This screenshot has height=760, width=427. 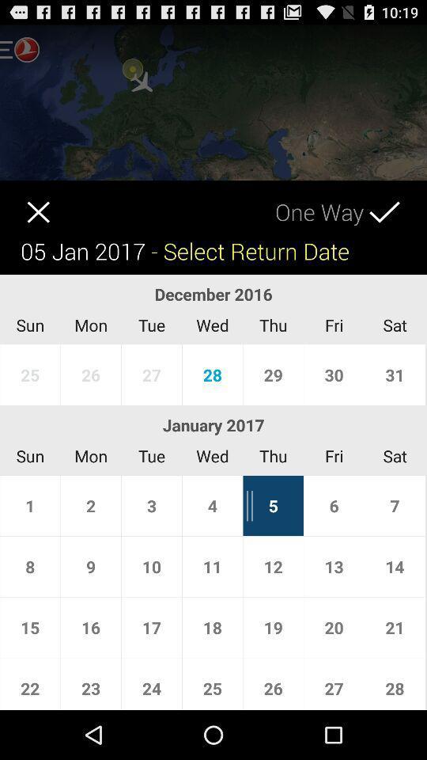 What do you see at coordinates (24, 215) in the screenshot?
I see `the close icon` at bounding box center [24, 215].